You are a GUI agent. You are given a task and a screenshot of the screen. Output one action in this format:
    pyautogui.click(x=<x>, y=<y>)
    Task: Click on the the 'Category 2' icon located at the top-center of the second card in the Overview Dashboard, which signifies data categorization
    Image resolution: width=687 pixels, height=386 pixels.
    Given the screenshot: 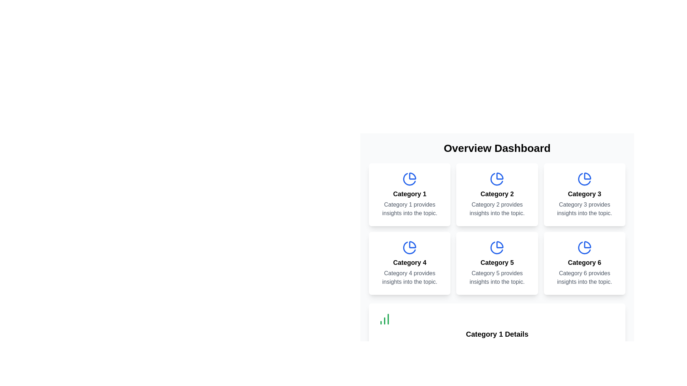 What is the action you would take?
    pyautogui.click(x=497, y=179)
    